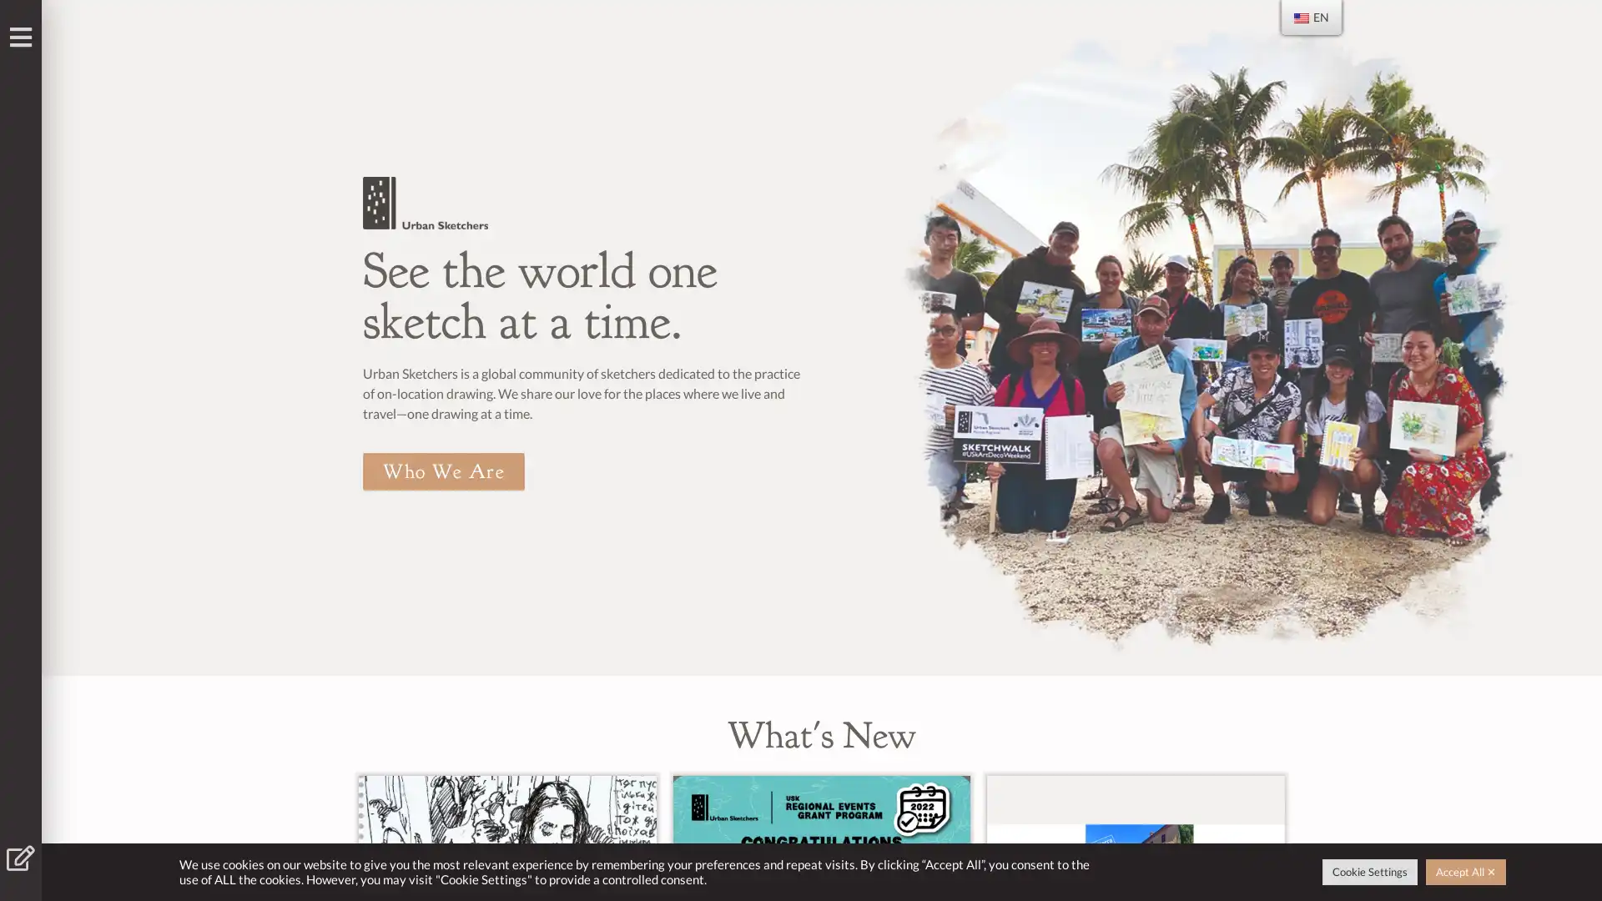  I want to click on Accept All, so click(1464, 871).